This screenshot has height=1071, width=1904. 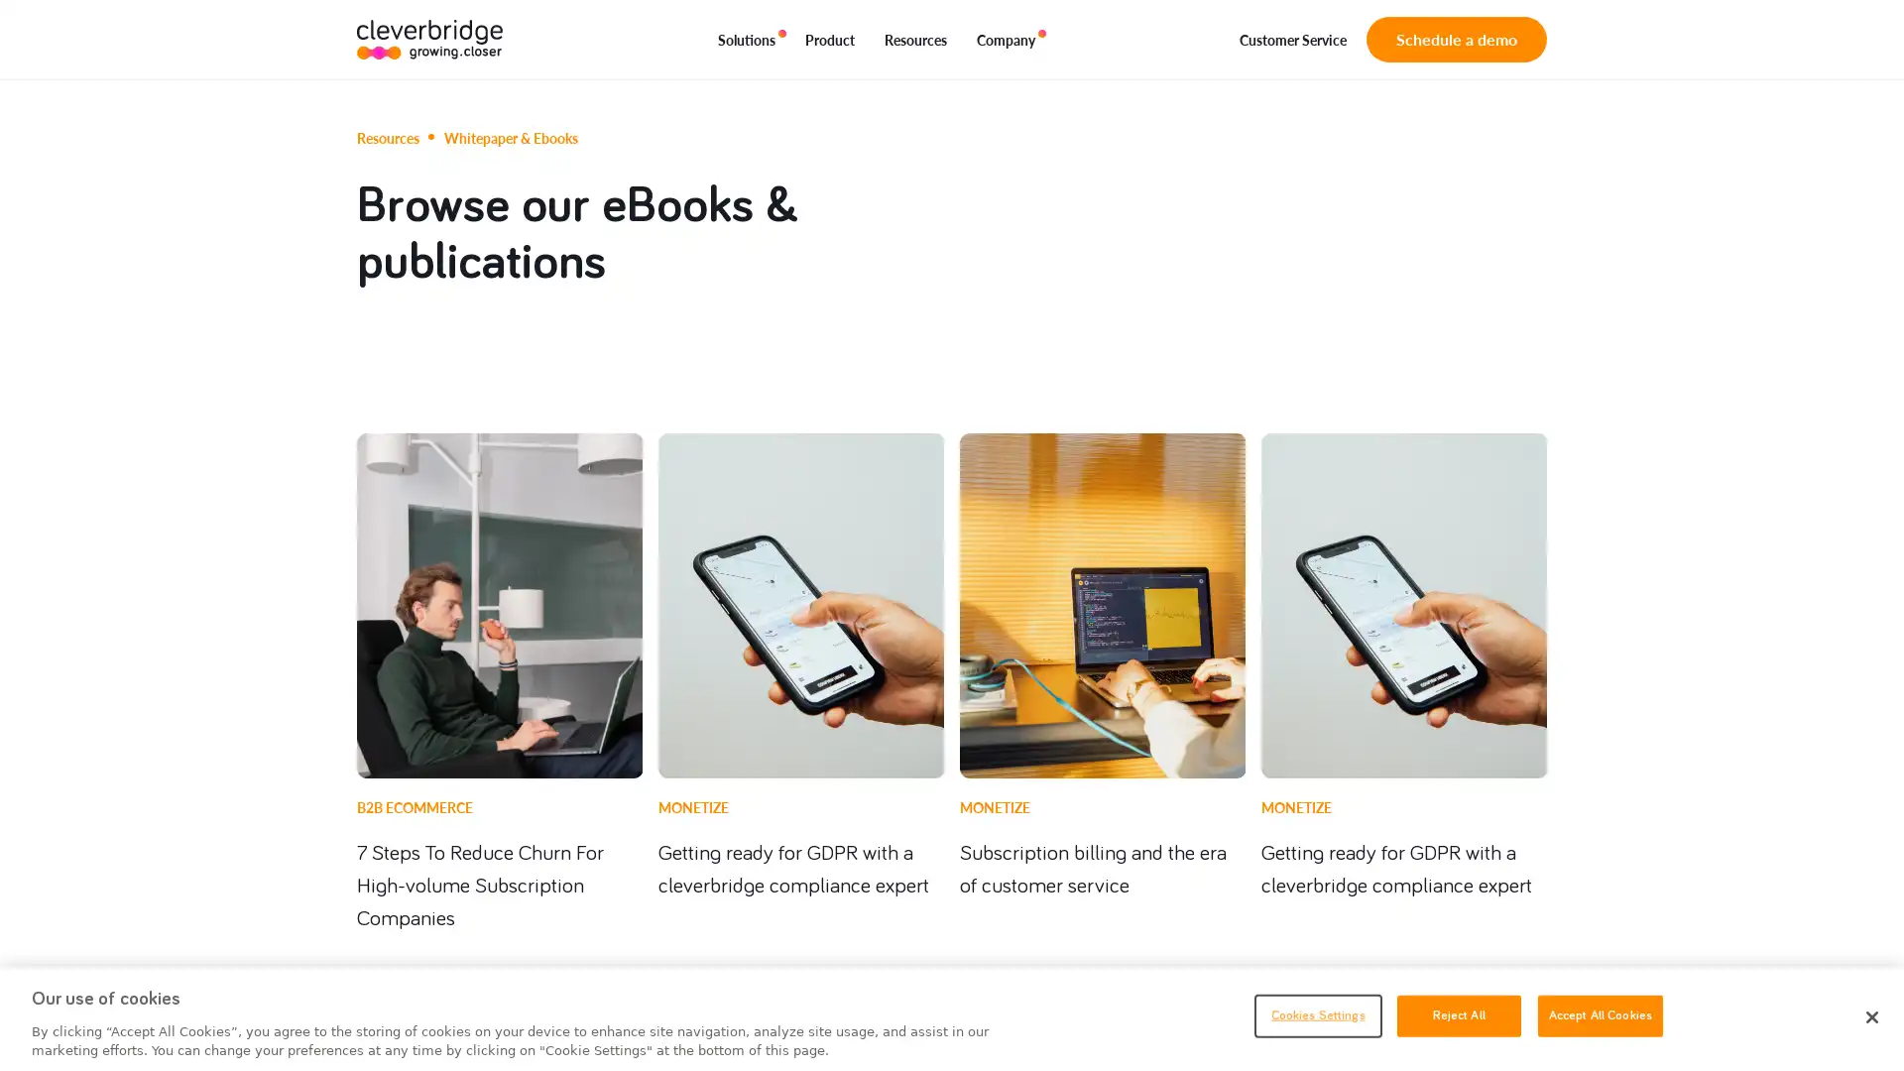 I want to click on Reject All, so click(x=1458, y=1014).